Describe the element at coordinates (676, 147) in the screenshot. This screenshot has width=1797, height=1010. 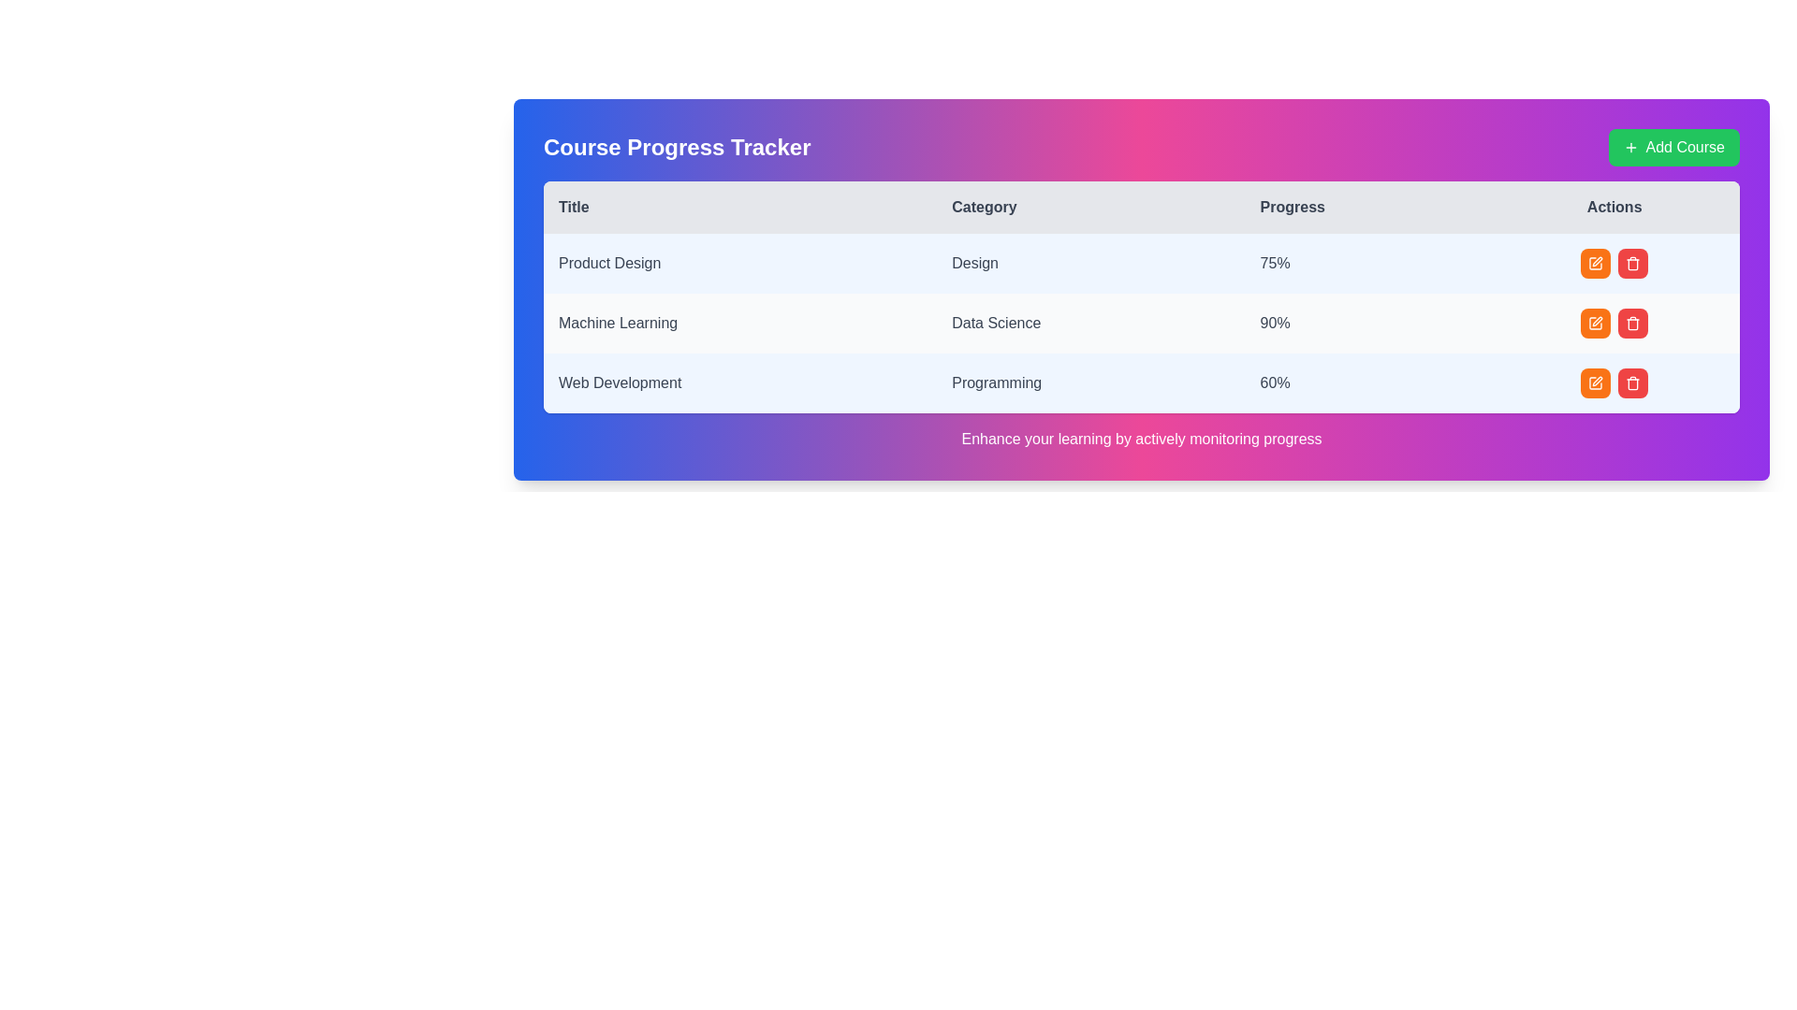
I see `the bold header text 'Course Progress Tracker' that is prominently displayed on a blue-to-pink gradient background, located towards the top-left corner of the page` at that location.